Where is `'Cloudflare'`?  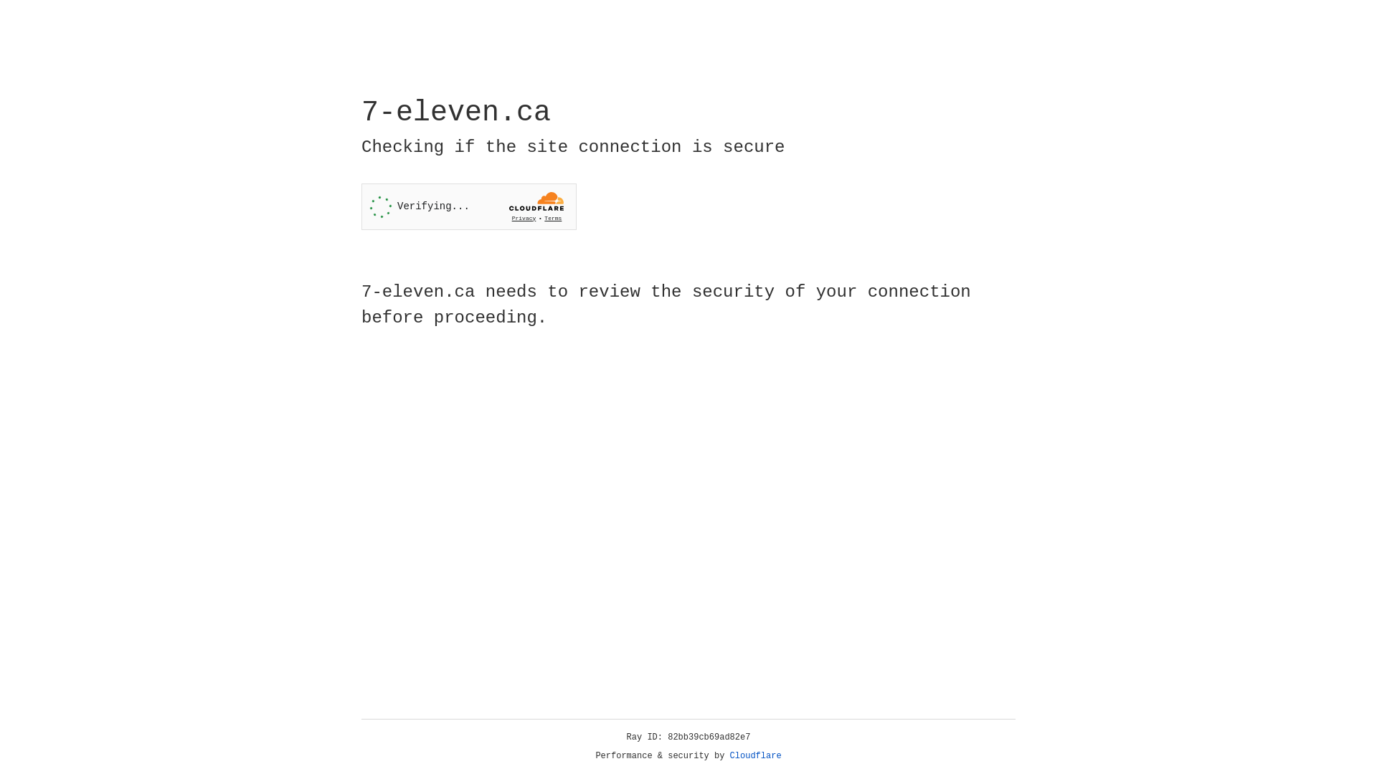 'Cloudflare' is located at coordinates (729, 755).